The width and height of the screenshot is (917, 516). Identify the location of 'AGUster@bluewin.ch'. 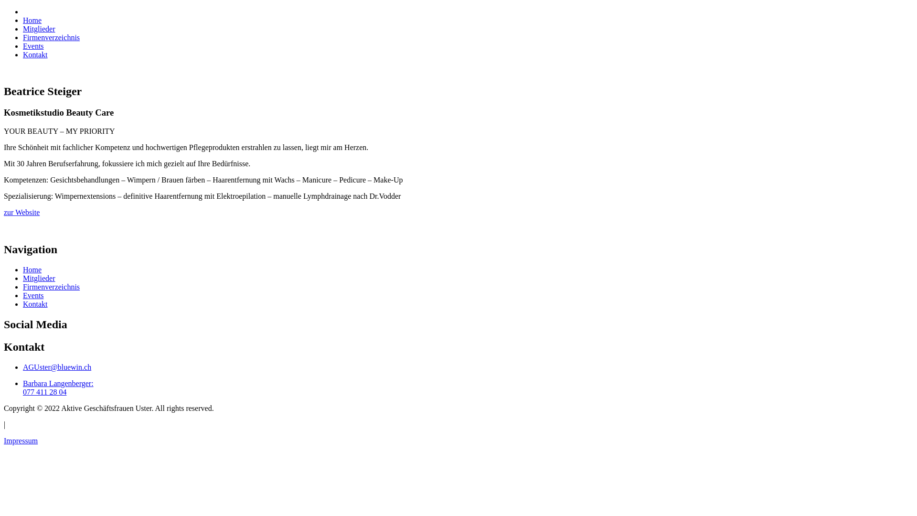
(23, 366).